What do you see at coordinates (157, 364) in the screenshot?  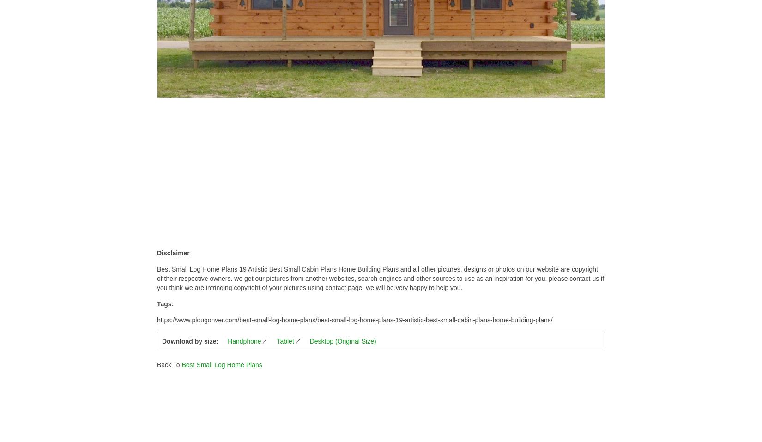 I see `'Back To'` at bounding box center [157, 364].